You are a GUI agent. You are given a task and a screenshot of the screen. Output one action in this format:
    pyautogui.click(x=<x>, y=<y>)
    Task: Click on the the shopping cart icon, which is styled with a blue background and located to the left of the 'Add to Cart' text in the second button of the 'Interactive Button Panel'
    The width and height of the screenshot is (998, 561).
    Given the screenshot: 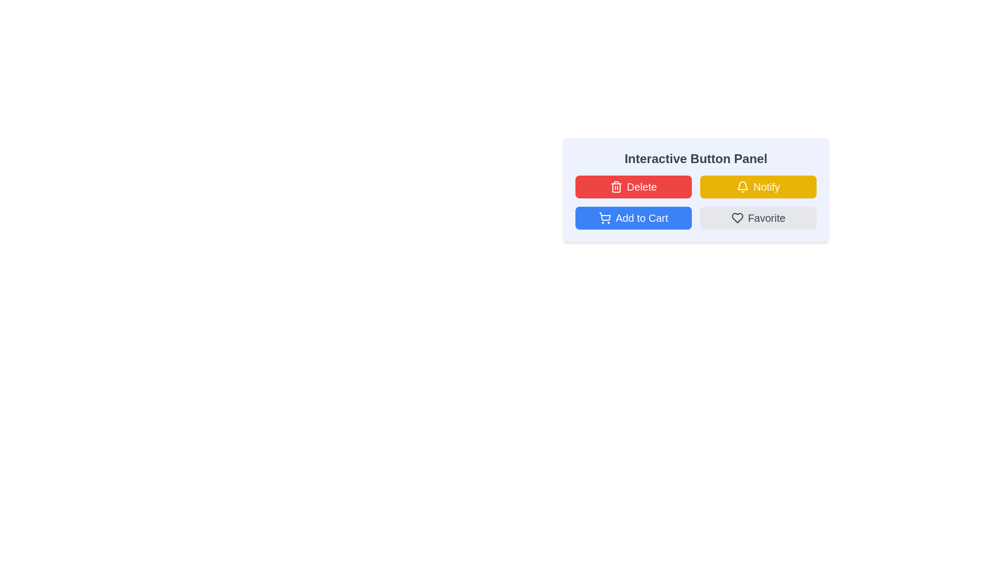 What is the action you would take?
    pyautogui.click(x=605, y=218)
    